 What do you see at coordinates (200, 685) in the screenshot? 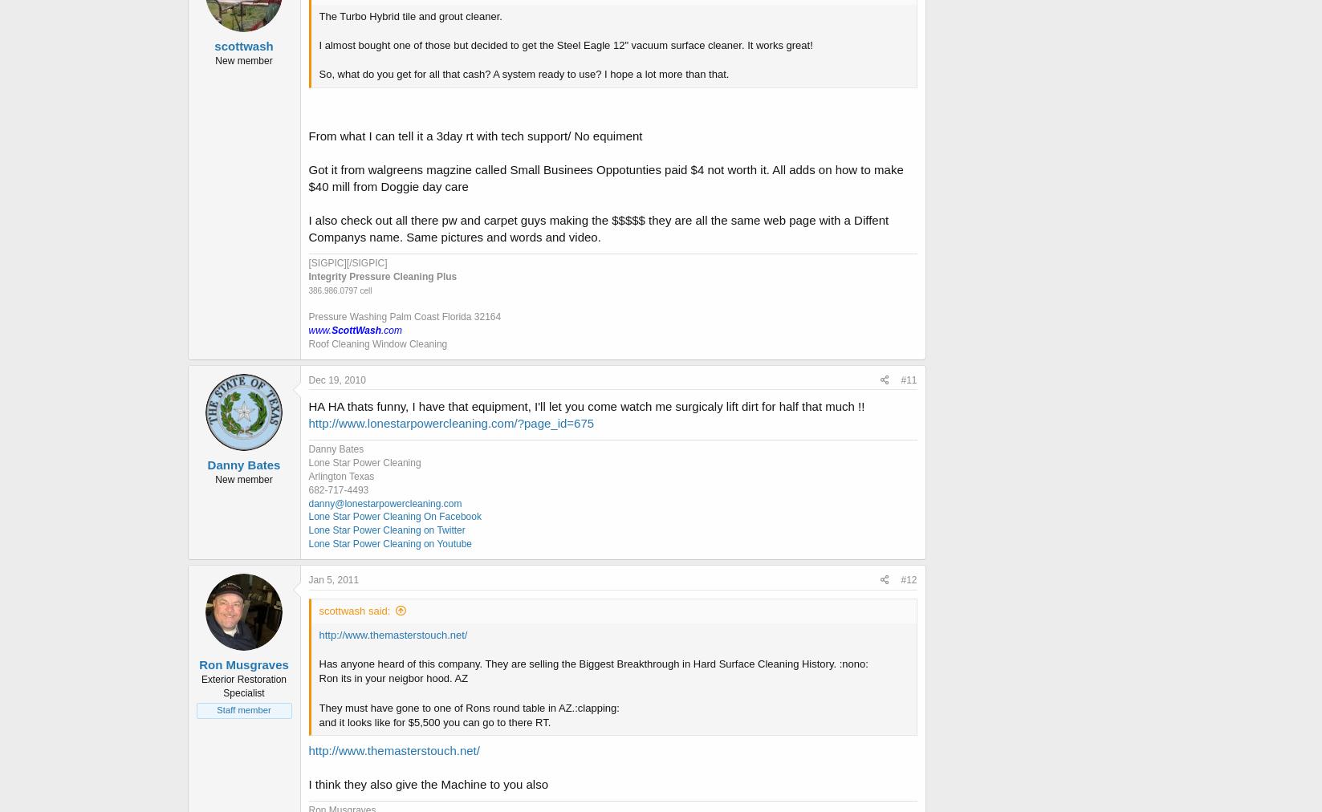
I see `'Exterior Restoration Specialist'` at bounding box center [200, 685].